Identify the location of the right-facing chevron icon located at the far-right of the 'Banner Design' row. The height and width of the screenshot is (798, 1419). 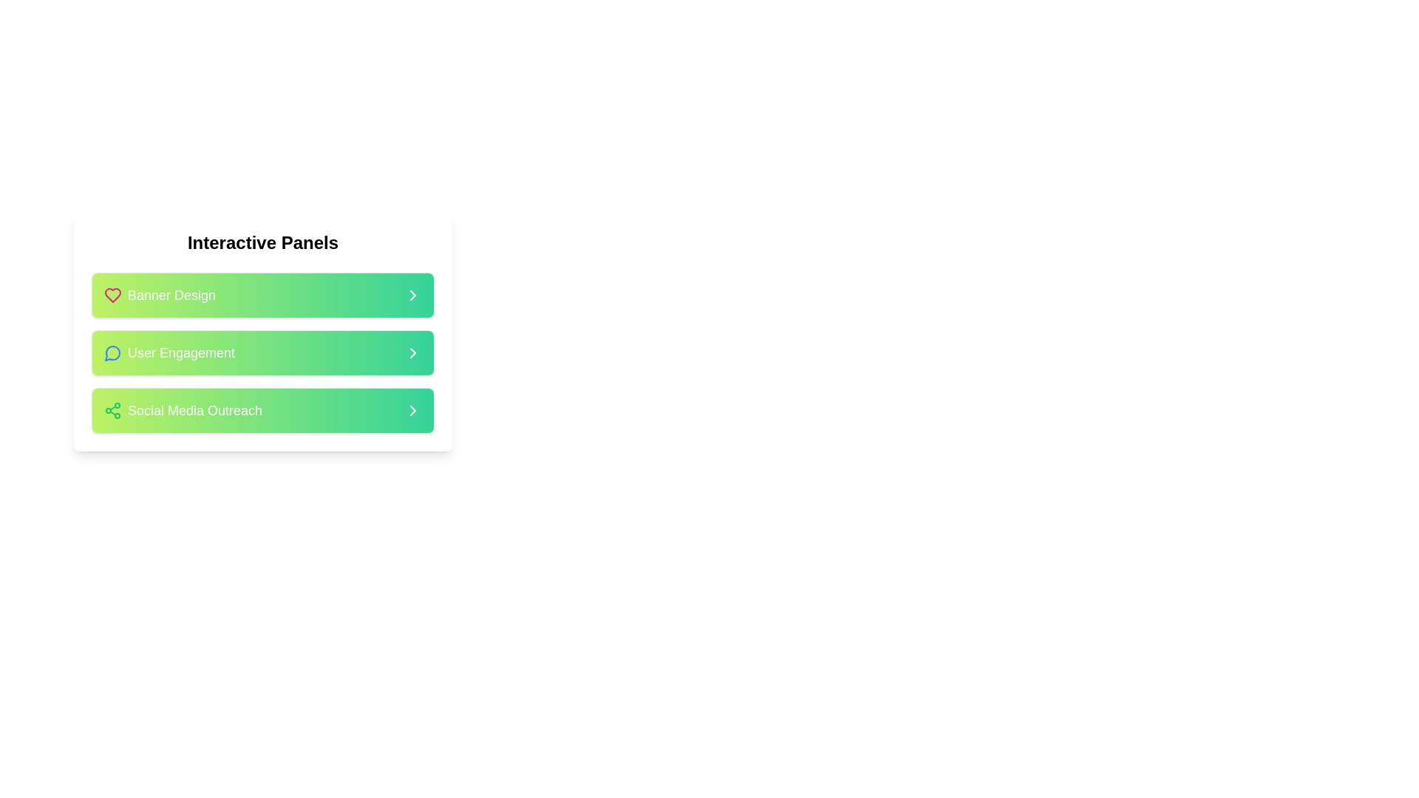
(412, 296).